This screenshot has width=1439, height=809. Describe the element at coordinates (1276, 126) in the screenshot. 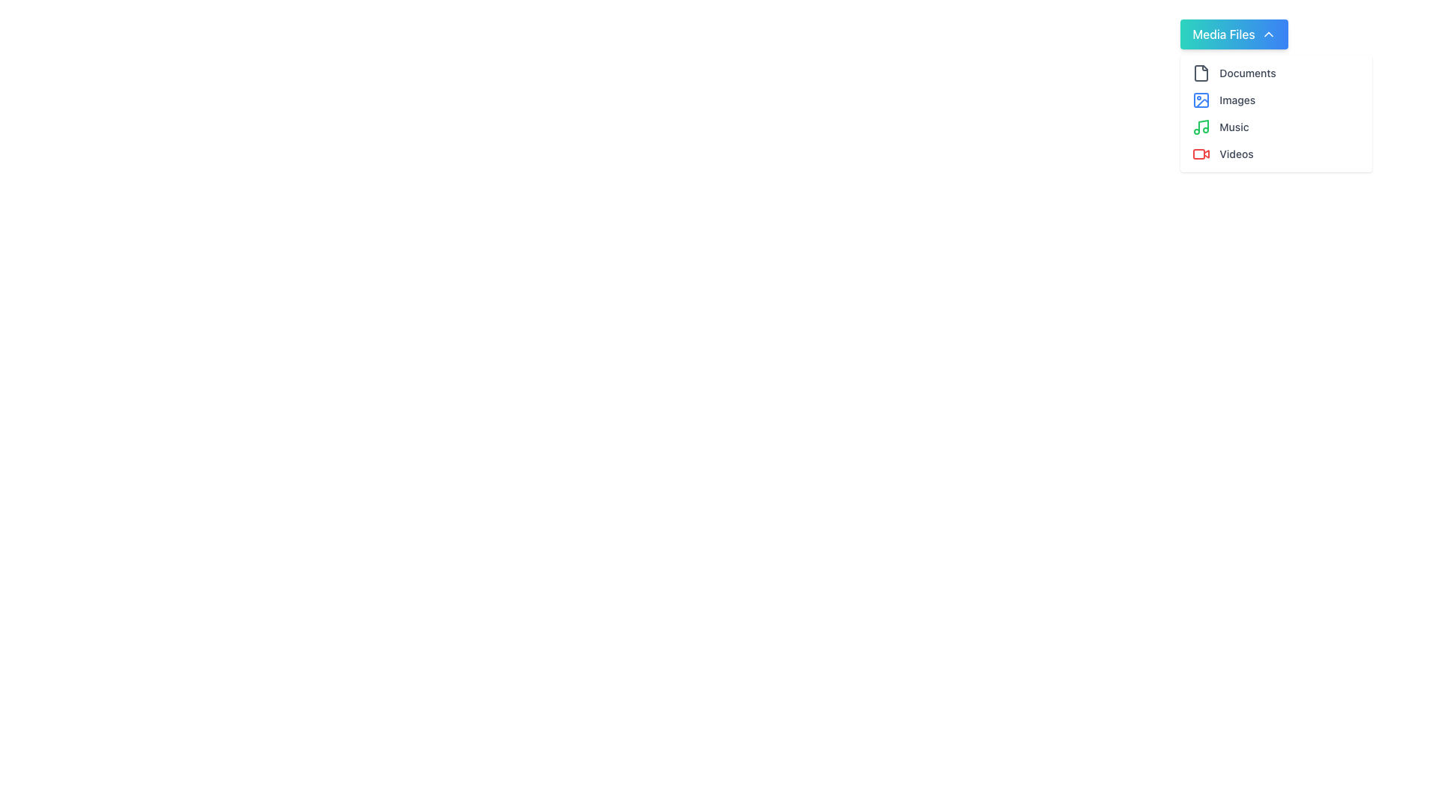

I see `the 'Music' category list item, which is the third item in the 'Media Files' dropdown list, used for navigating to or filtering music files` at that location.